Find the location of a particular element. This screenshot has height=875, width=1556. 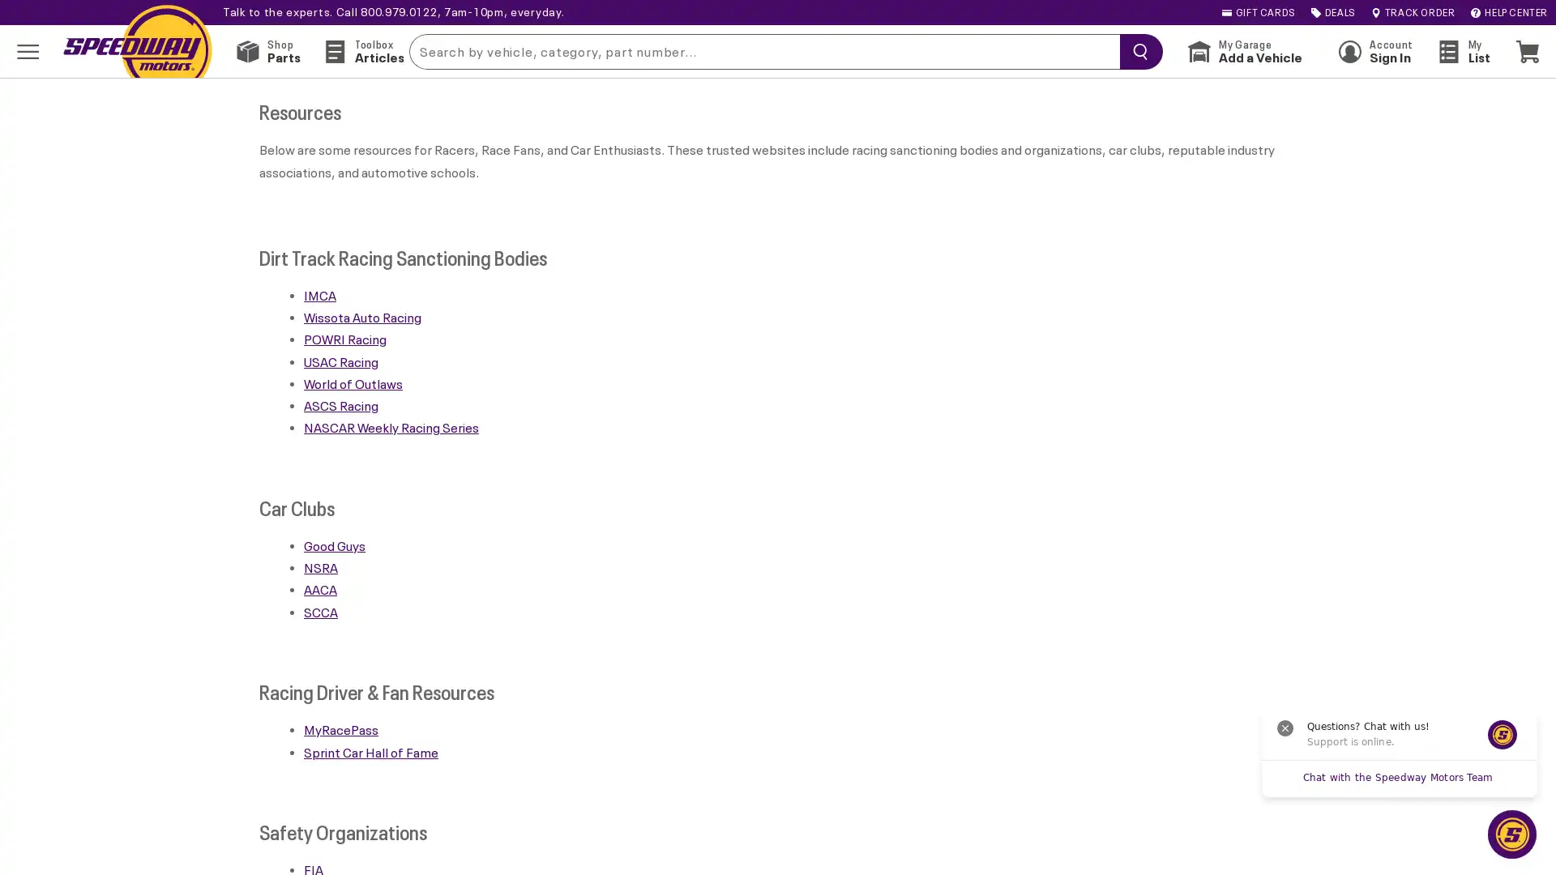

Questions? Chat with us! Support is online. Chat with the Speedway Motors Team is located at coordinates (1511, 834).